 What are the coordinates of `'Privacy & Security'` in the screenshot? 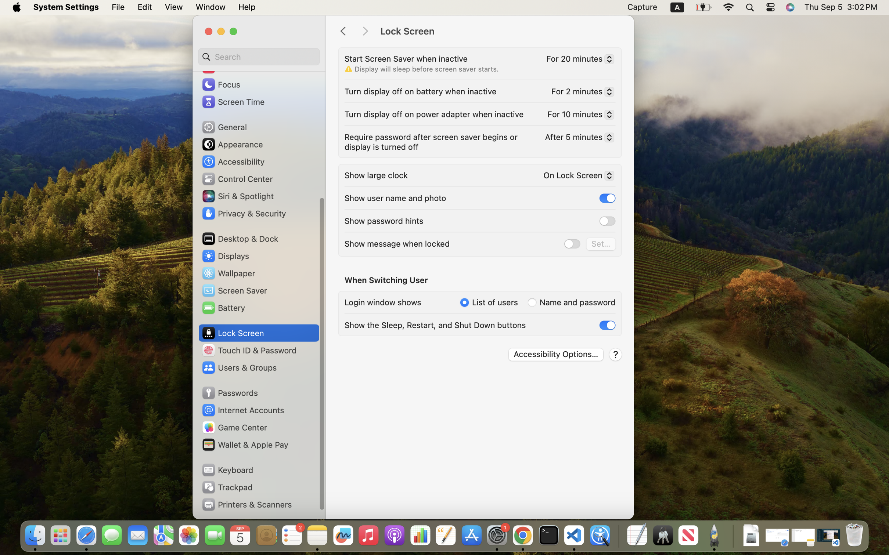 It's located at (243, 213).